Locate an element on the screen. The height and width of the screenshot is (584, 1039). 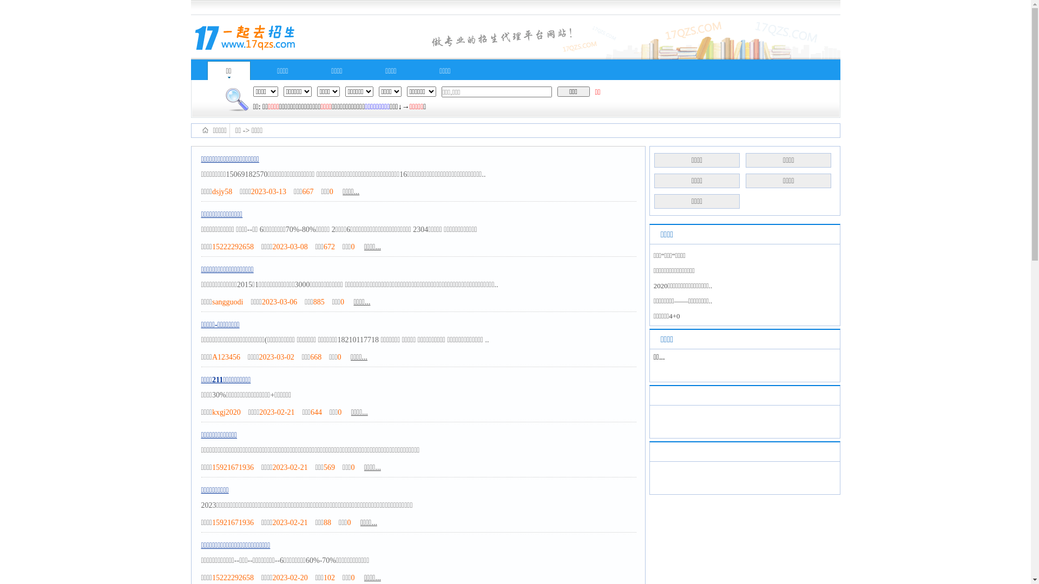
'0' is located at coordinates (352, 577).